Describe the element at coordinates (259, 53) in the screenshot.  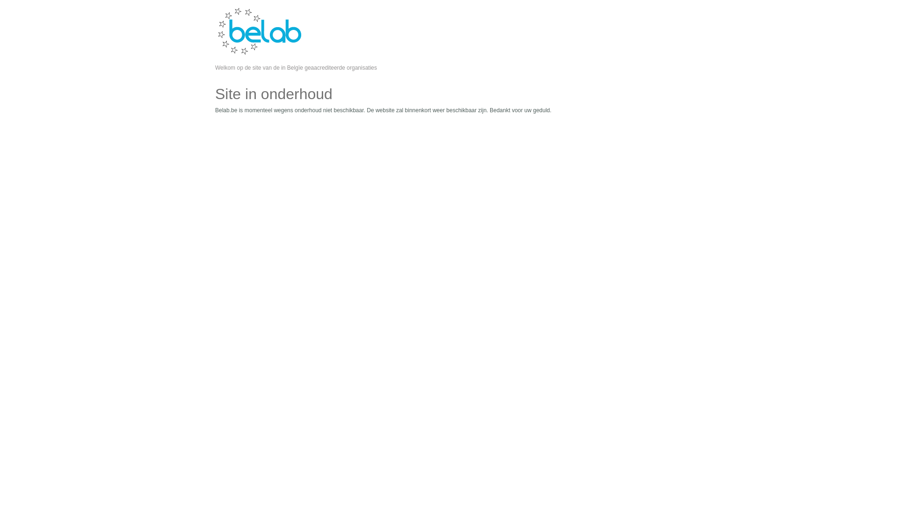
I see `'Home'` at that location.